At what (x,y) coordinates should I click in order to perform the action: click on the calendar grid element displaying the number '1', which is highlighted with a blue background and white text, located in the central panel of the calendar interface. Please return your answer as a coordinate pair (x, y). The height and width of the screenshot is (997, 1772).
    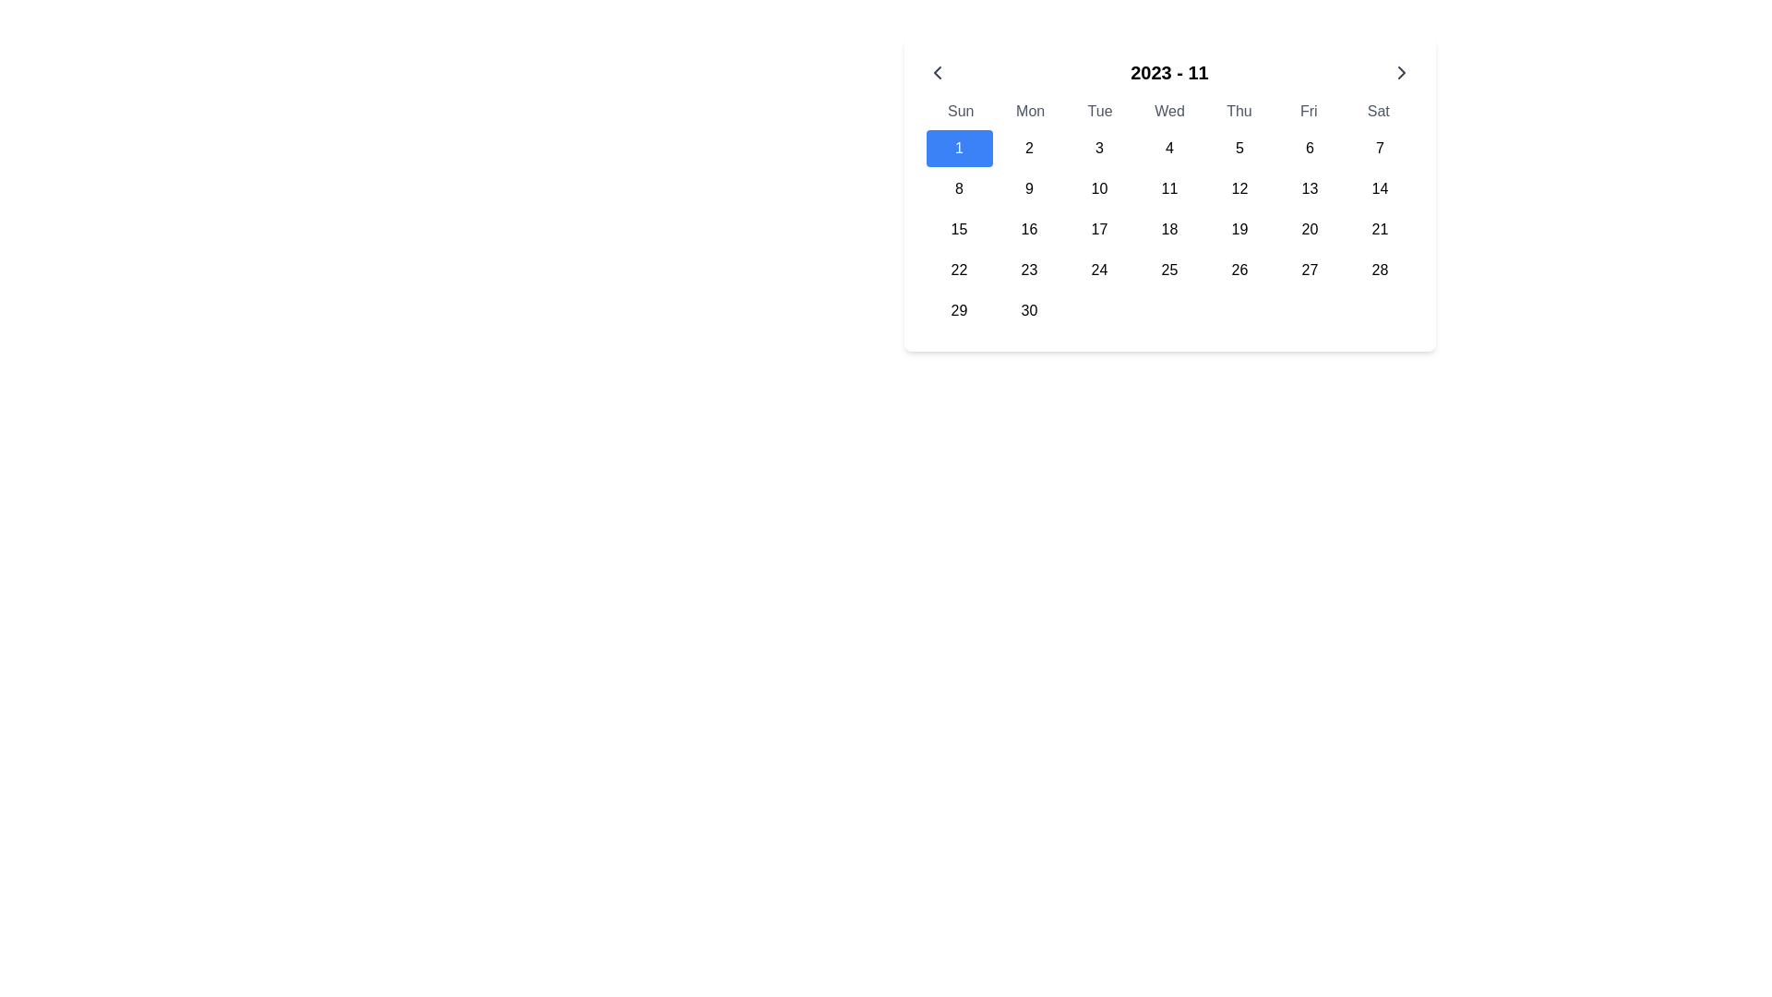
    Looking at the image, I should click on (1168, 229).